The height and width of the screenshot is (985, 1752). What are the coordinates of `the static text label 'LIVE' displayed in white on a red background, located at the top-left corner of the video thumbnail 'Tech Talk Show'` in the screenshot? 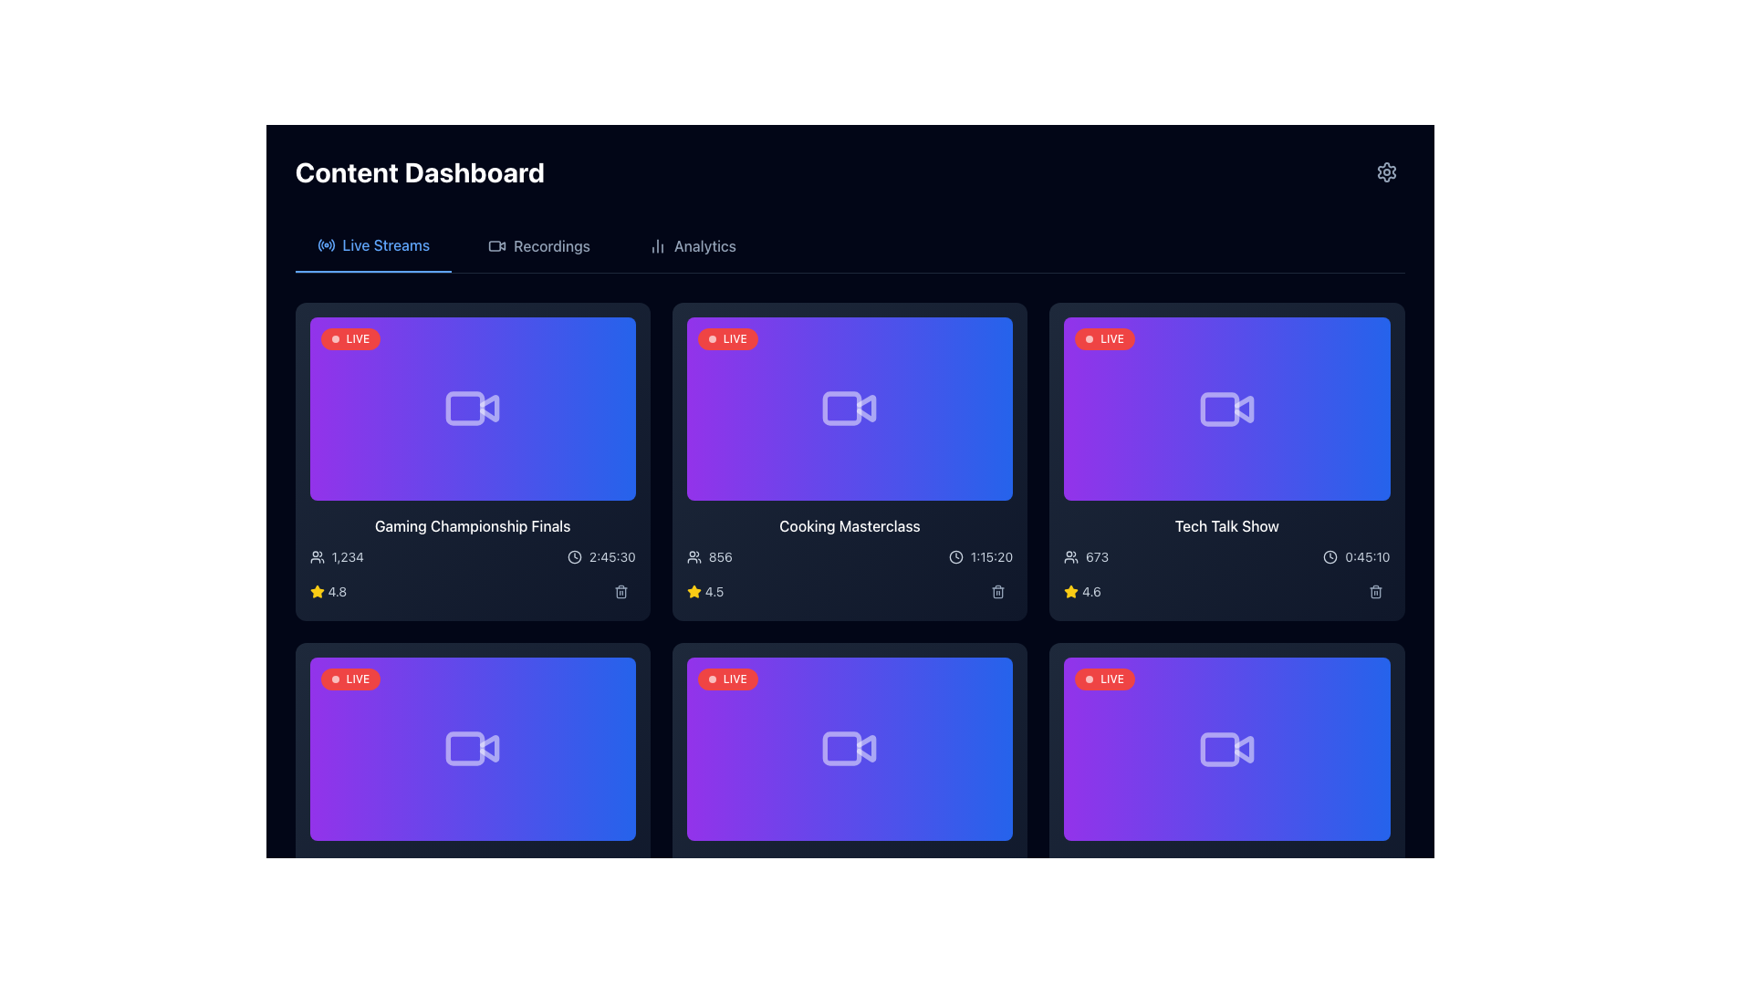 It's located at (1111, 338).